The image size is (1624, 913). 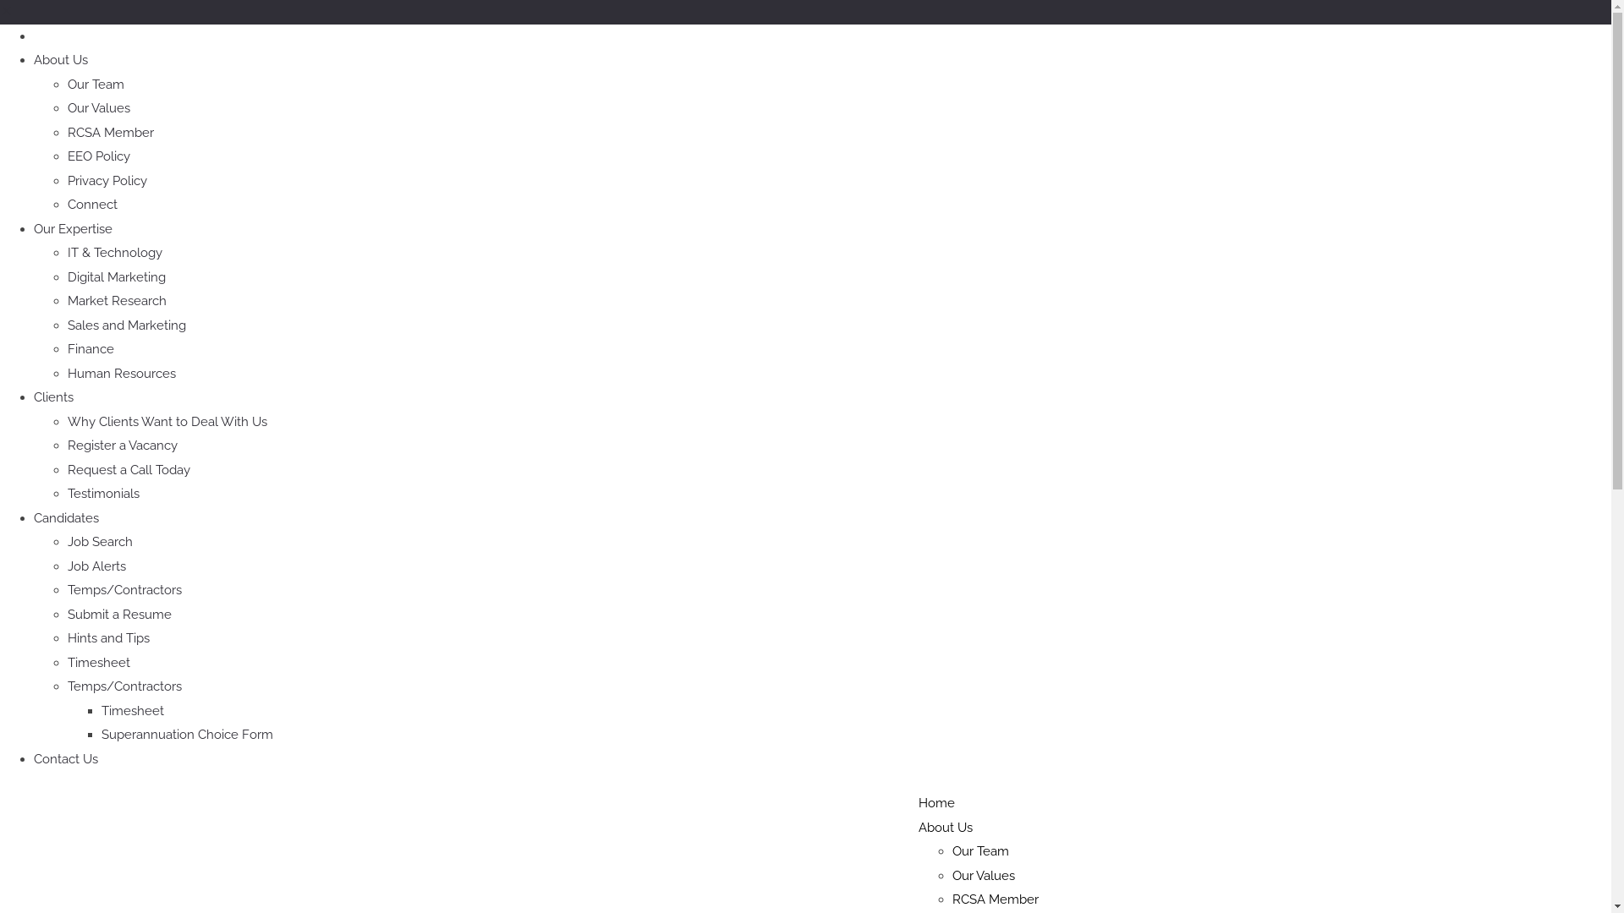 What do you see at coordinates (113, 253) in the screenshot?
I see `'IT & Technology'` at bounding box center [113, 253].